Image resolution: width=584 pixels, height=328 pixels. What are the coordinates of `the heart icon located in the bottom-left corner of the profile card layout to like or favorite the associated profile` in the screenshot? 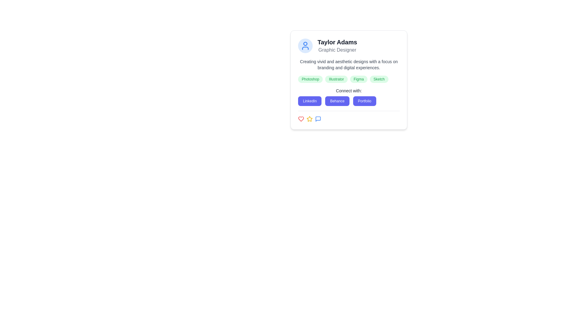 It's located at (301, 119).